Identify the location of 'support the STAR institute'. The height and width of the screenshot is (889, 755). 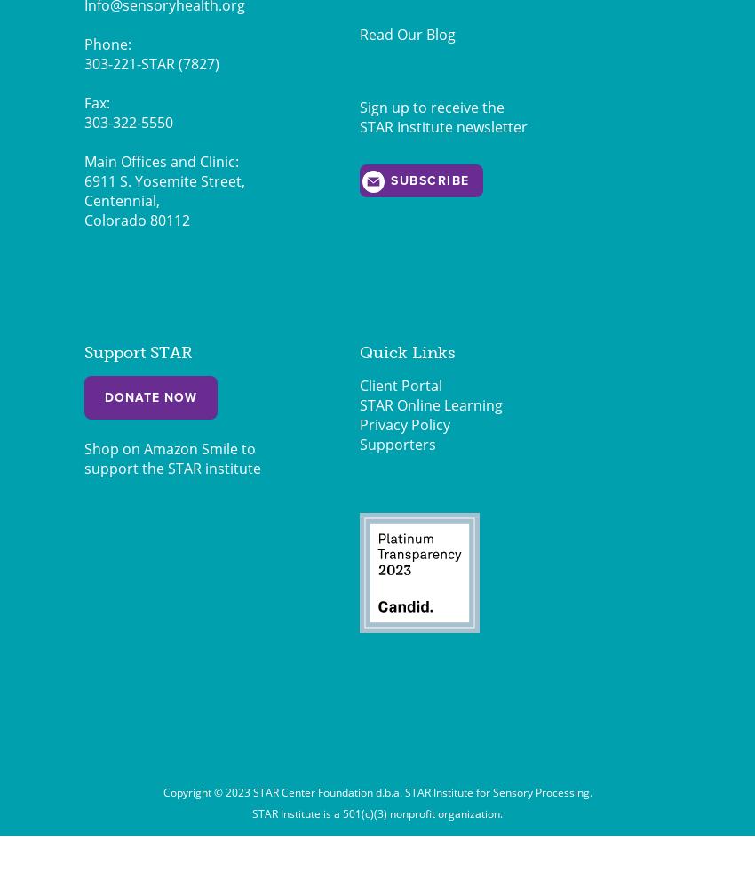
(171, 468).